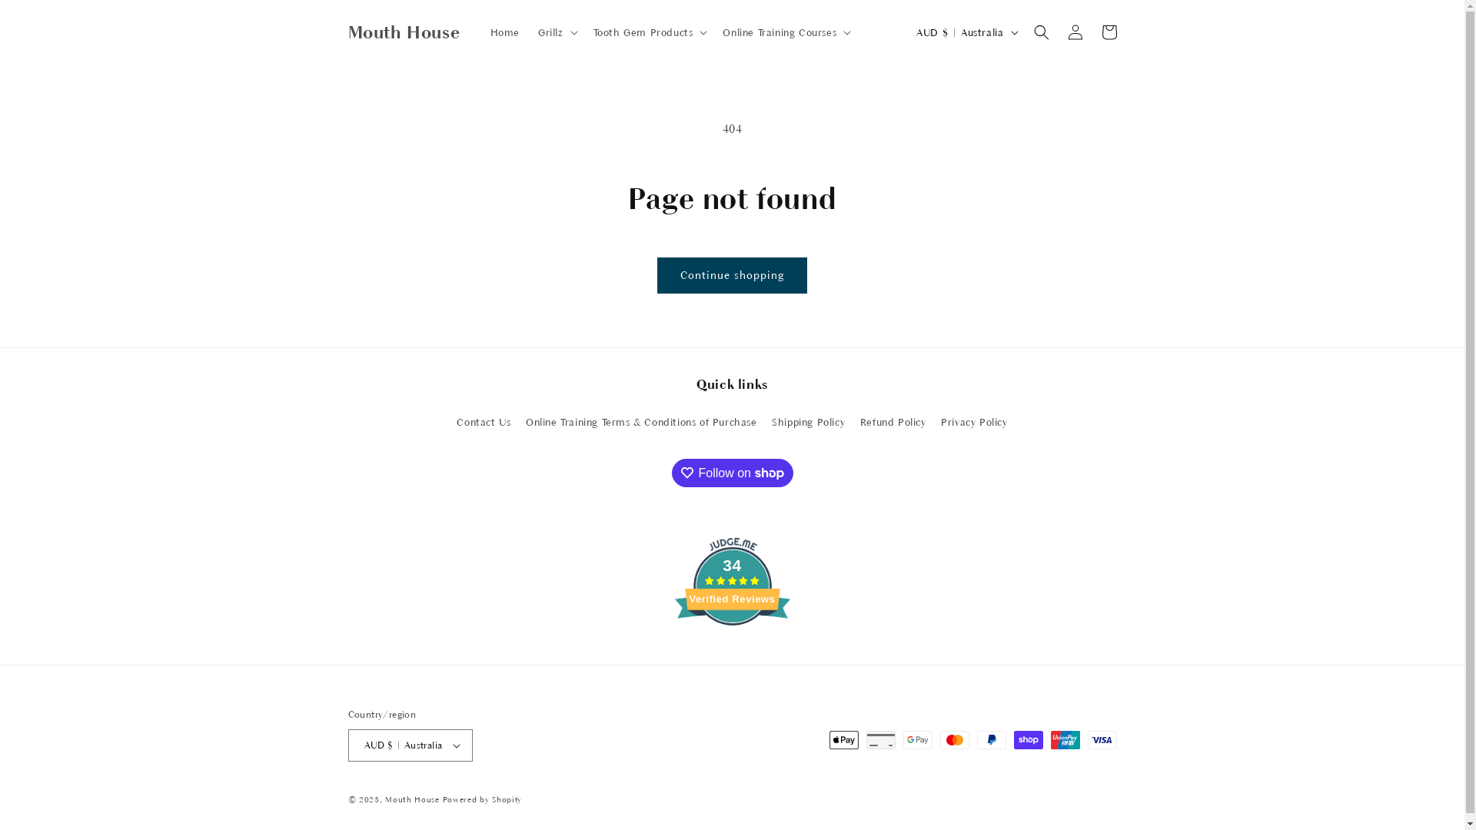  What do you see at coordinates (1073, 32) in the screenshot?
I see `'Log in'` at bounding box center [1073, 32].